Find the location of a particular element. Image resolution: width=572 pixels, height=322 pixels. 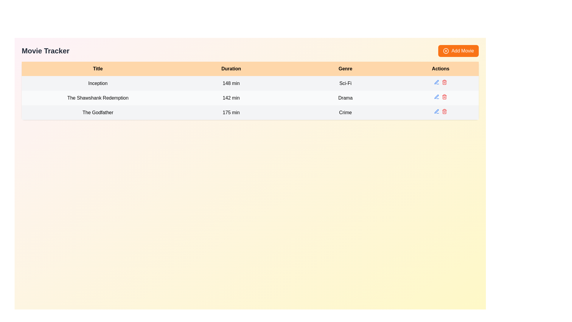

the red trash can icon button in the Actions column of the last row for the movie entry 'The Godfather' is located at coordinates (444, 112).